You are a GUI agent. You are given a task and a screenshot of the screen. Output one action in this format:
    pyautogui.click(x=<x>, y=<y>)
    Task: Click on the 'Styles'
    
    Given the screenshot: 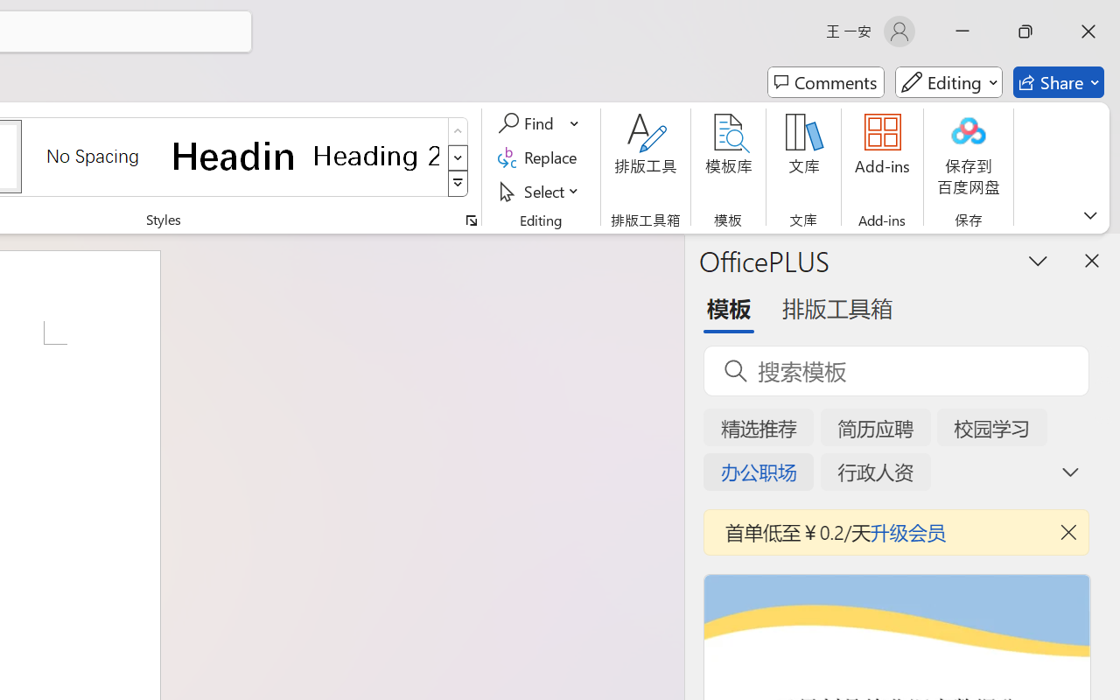 What is the action you would take?
    pyautogui.click(x=458, y=184)
    